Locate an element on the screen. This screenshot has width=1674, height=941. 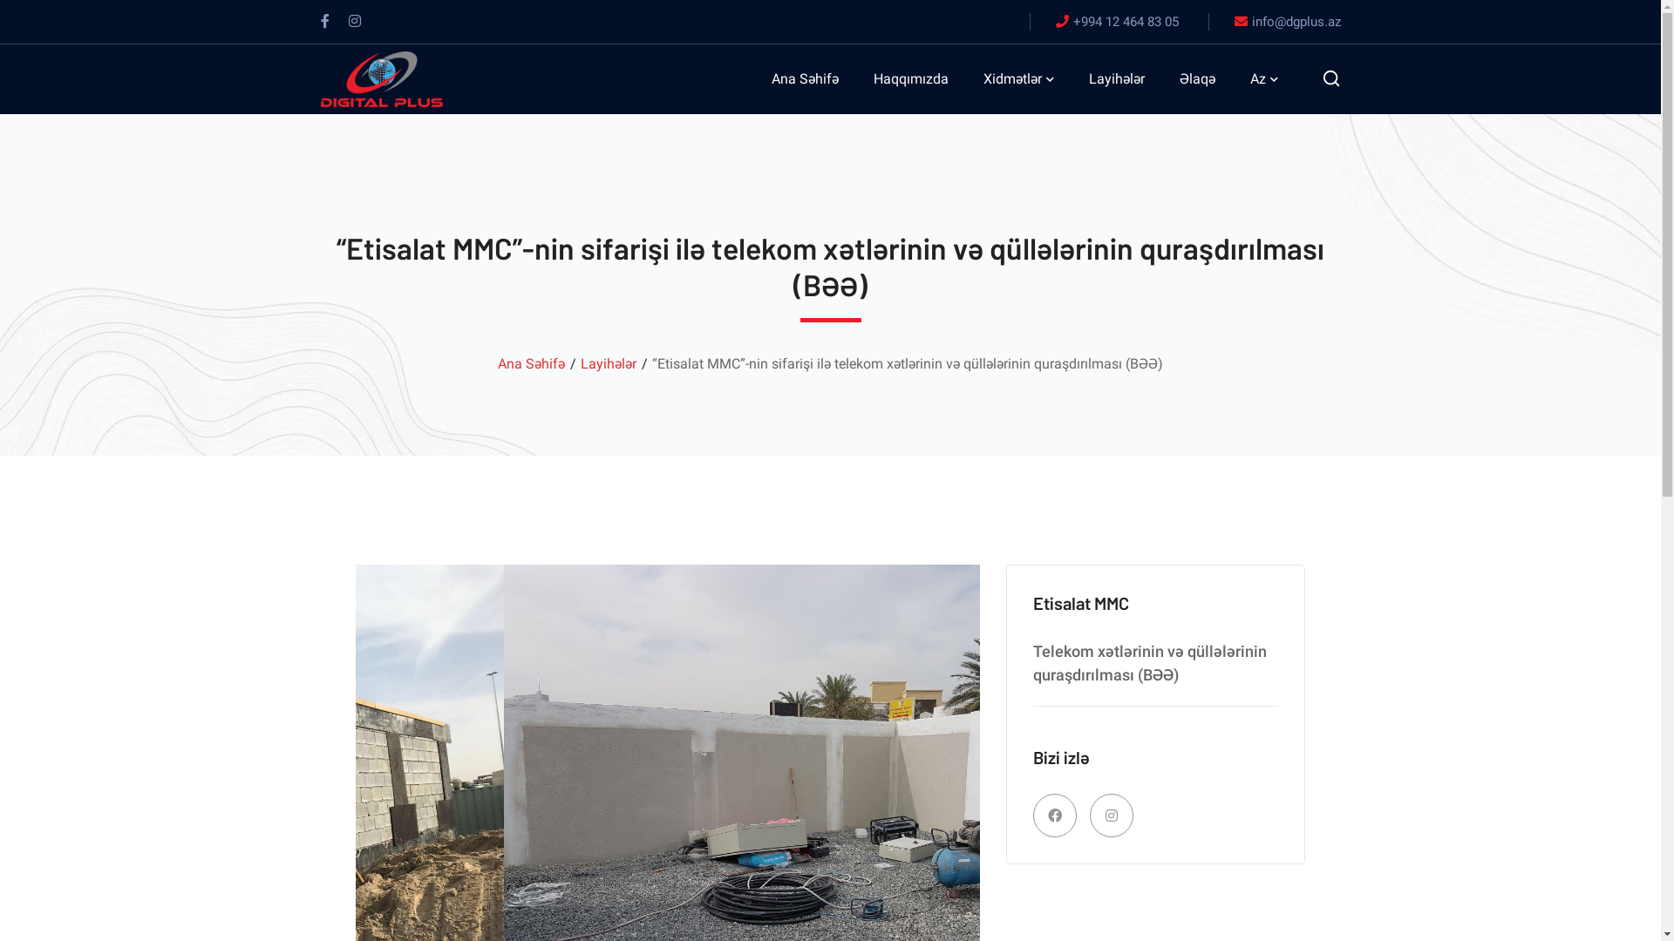
'Facebook' is located at coordinates (325, 21).